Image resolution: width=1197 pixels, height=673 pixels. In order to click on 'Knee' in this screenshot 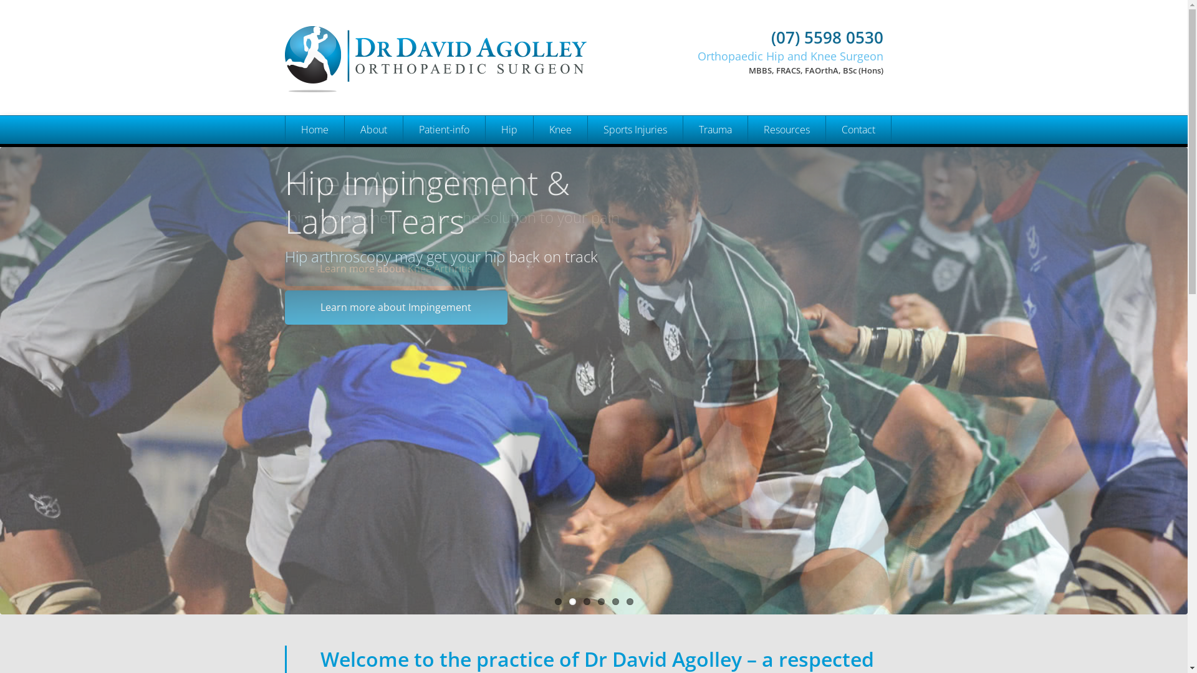, I will do `click(559, 130)`.